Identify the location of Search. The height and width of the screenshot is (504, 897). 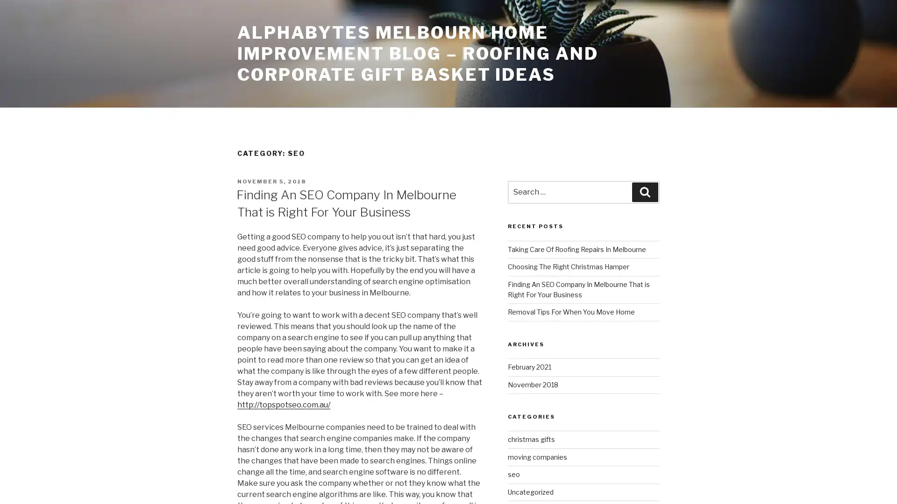
(645, 192).